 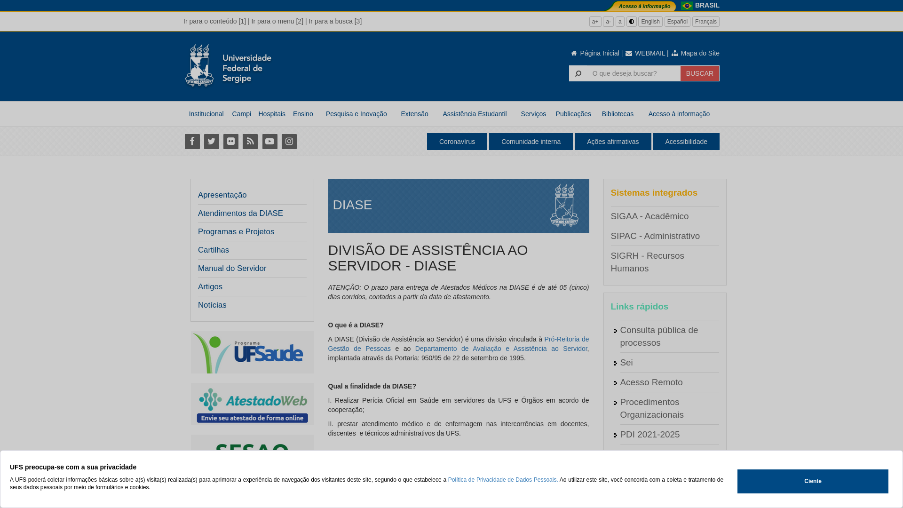 What do you see at coordinates (241, 113) in the screenshot?
I see `'Campi'` at bounding box center [241, 113].